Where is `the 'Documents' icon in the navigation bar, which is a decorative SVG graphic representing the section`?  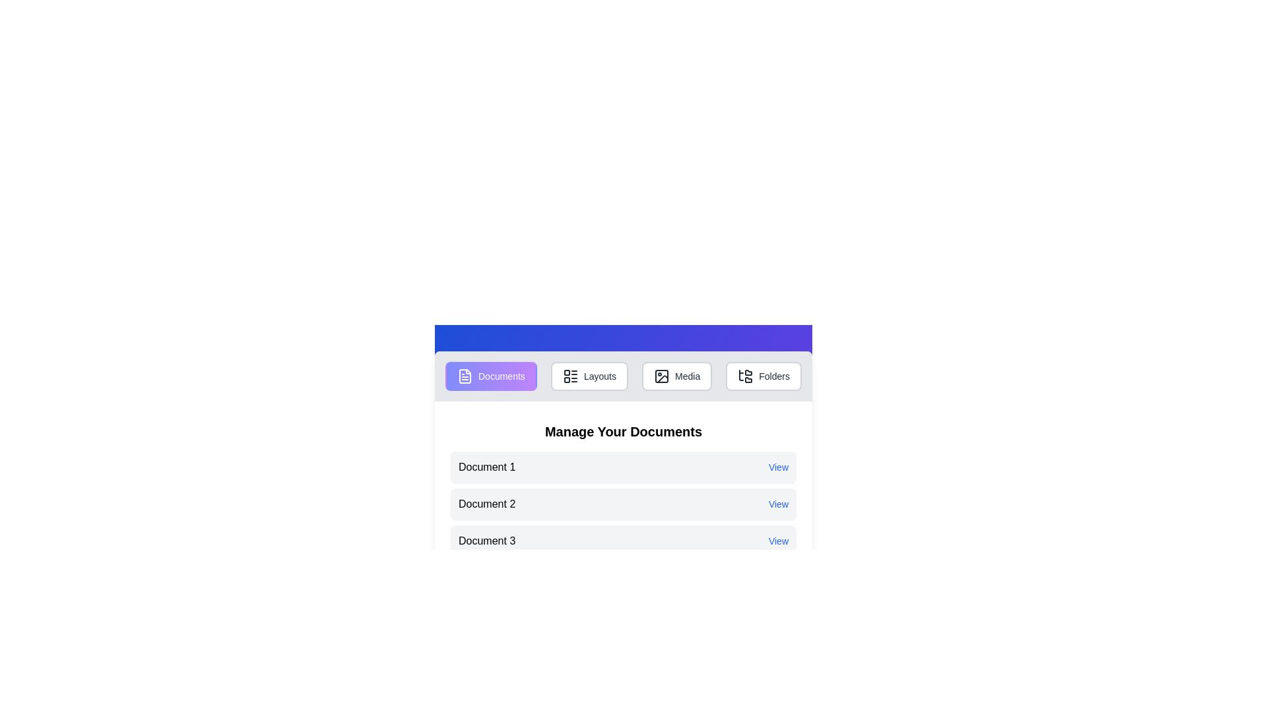 the 'Documents' icon in the navigation bar, which is a decorative SVG graphic representing the section is located at coordinates (465, 376).